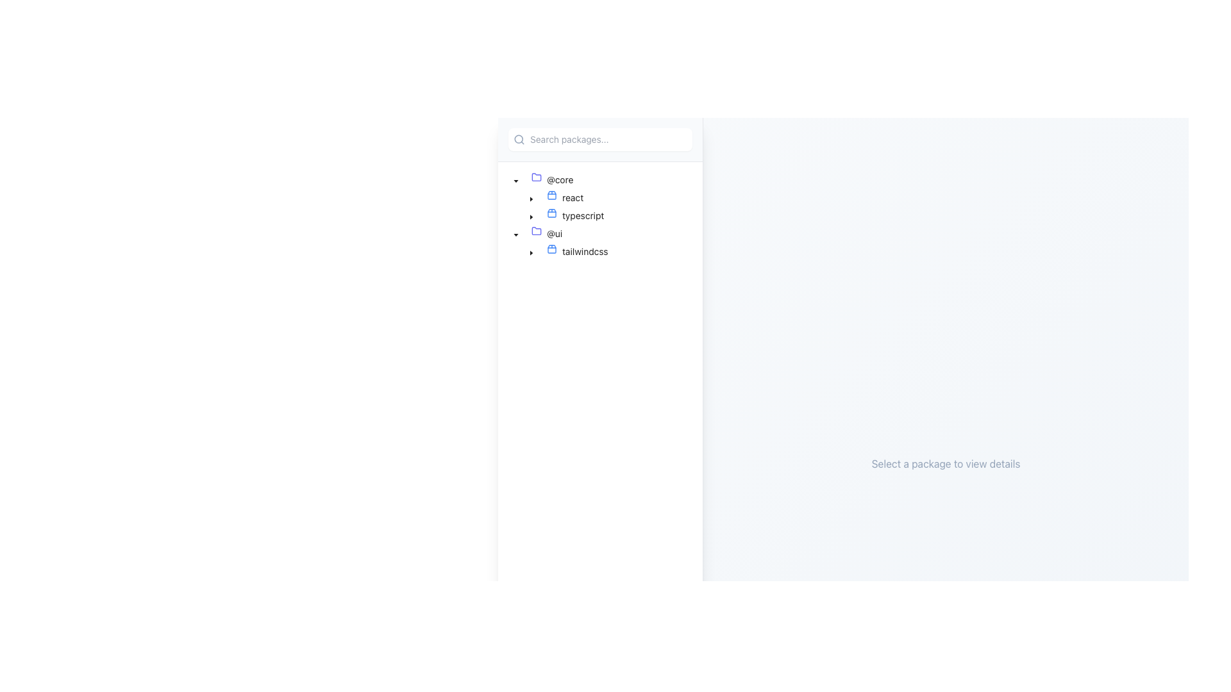  I want to click on the vertical indentation marker element to the left of the 'react' tree item in the file hierarchy interface, so click(516, 197).